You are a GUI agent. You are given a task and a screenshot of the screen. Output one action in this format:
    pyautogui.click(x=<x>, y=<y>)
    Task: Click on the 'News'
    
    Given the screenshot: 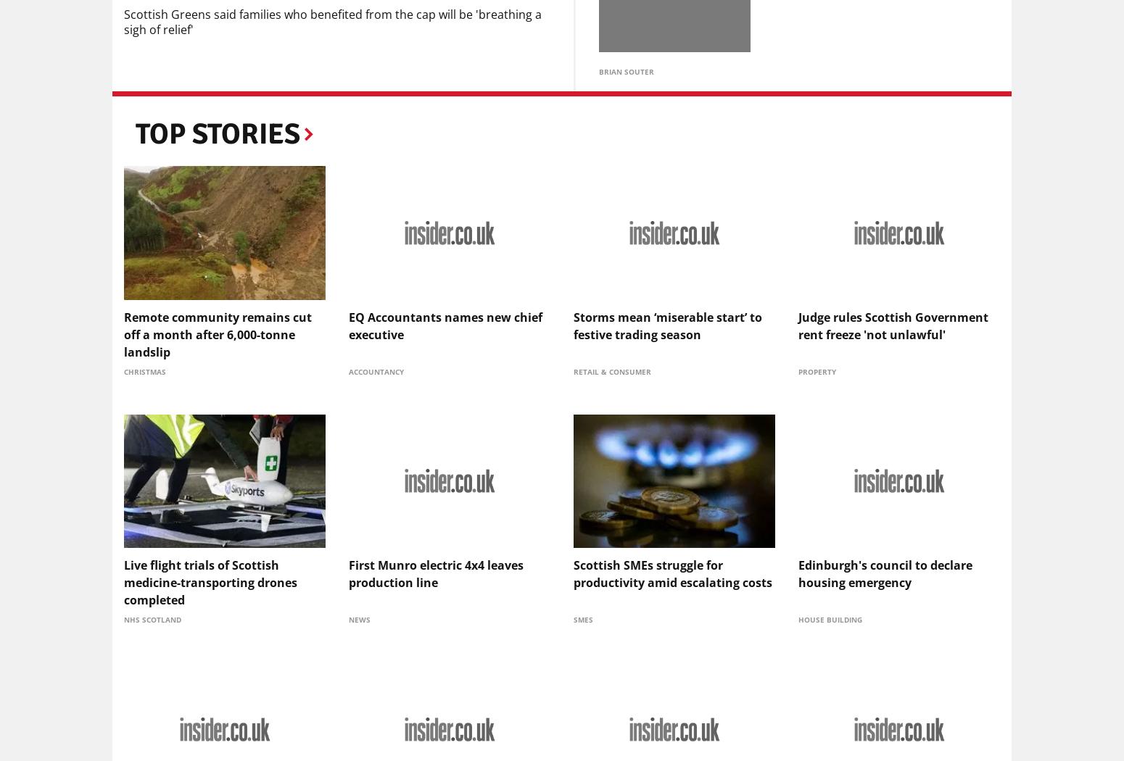 What is the action you would take?
    pyautogui.click(x=359, y=618)
    